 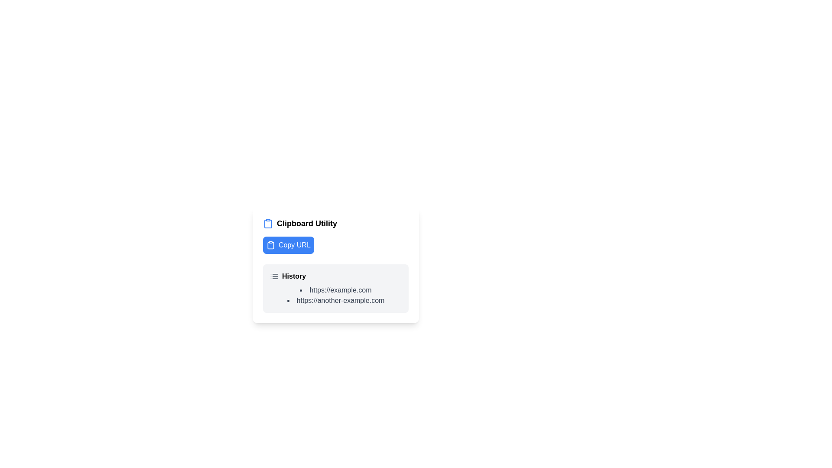 I want to click on the hyperlink 'https://another-example.com' which is the second item in the 'History' list, so click(x=335, y=300).